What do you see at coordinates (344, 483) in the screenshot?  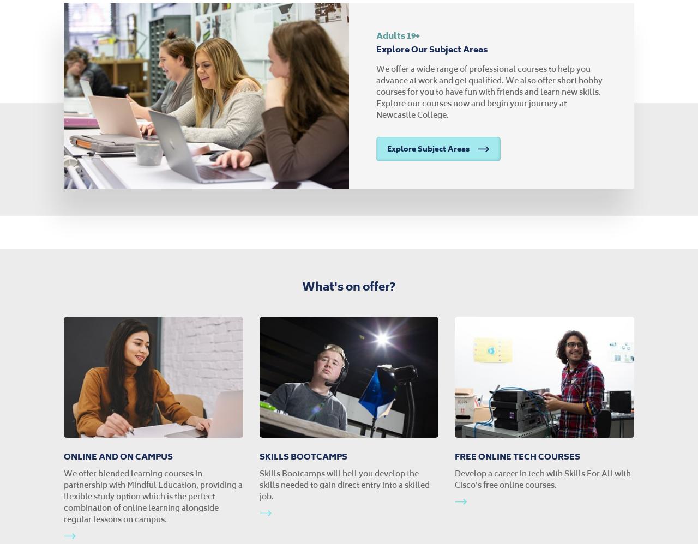 I see `'Skills Bootcamps will hell you develop the skills needed to gain direct entry into a skilled job.'` at bounding box center [344, 483].